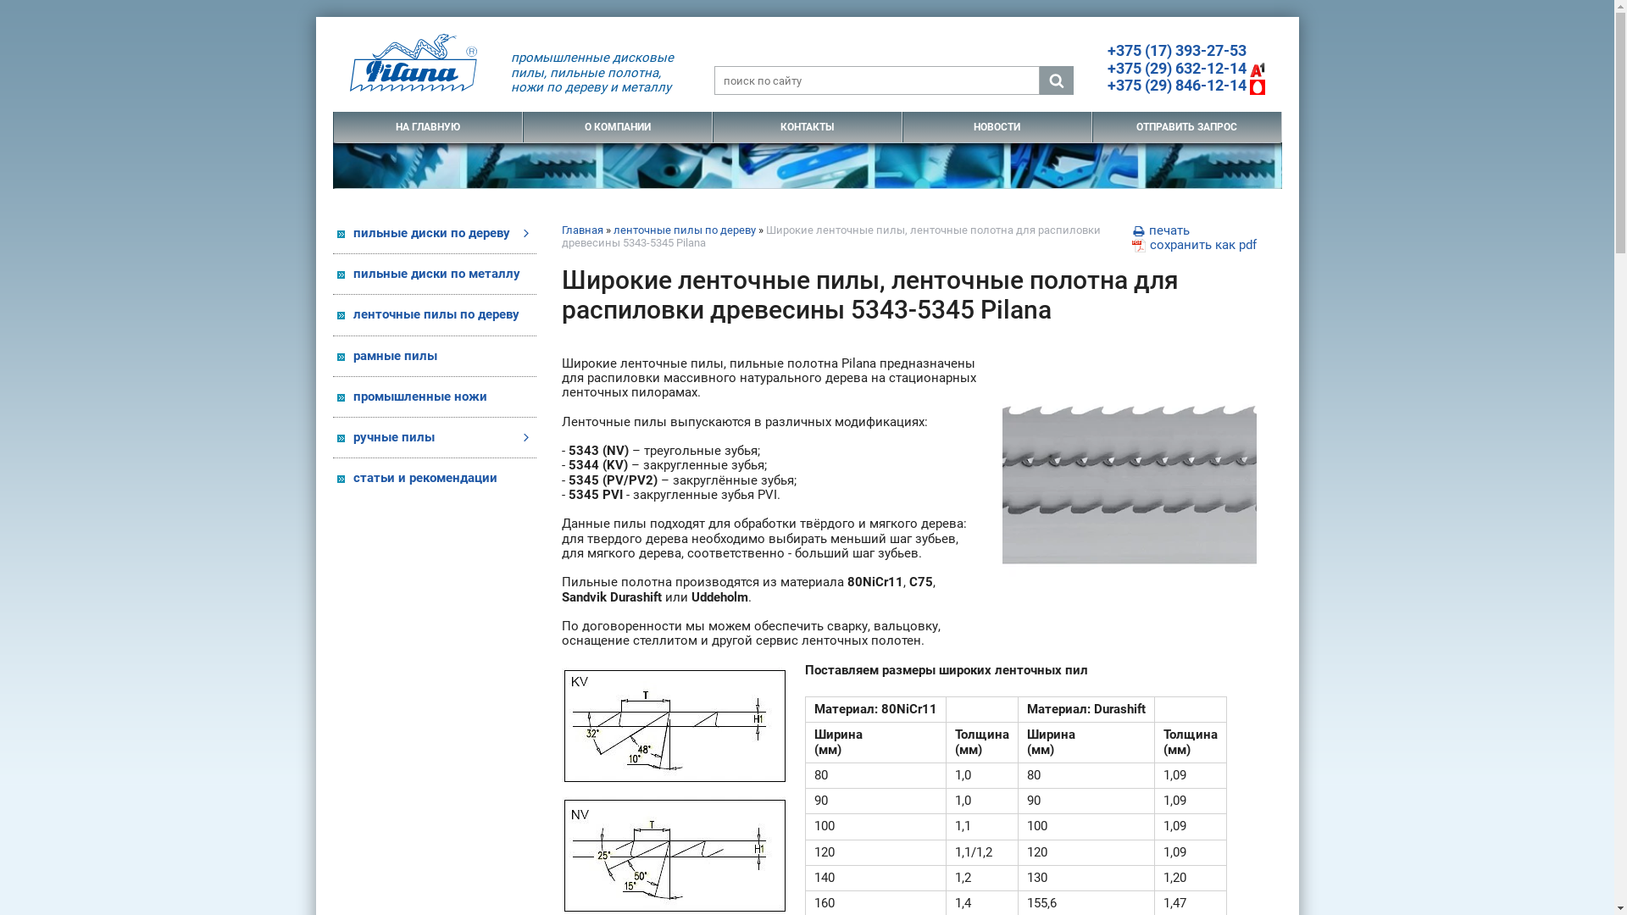 The width and height of the screenshot is (1627, 915). What do you see at coordinates (1184, 85) in the screenshot?
I see `'+375 (29) 846-12-14'` at bounding box center [1184, 85].